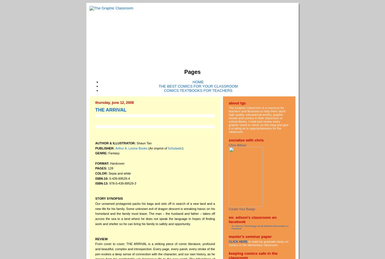 The width and height of the screenshot is (385, 259). I want to click on 'COLOR:', so click(102, 173).